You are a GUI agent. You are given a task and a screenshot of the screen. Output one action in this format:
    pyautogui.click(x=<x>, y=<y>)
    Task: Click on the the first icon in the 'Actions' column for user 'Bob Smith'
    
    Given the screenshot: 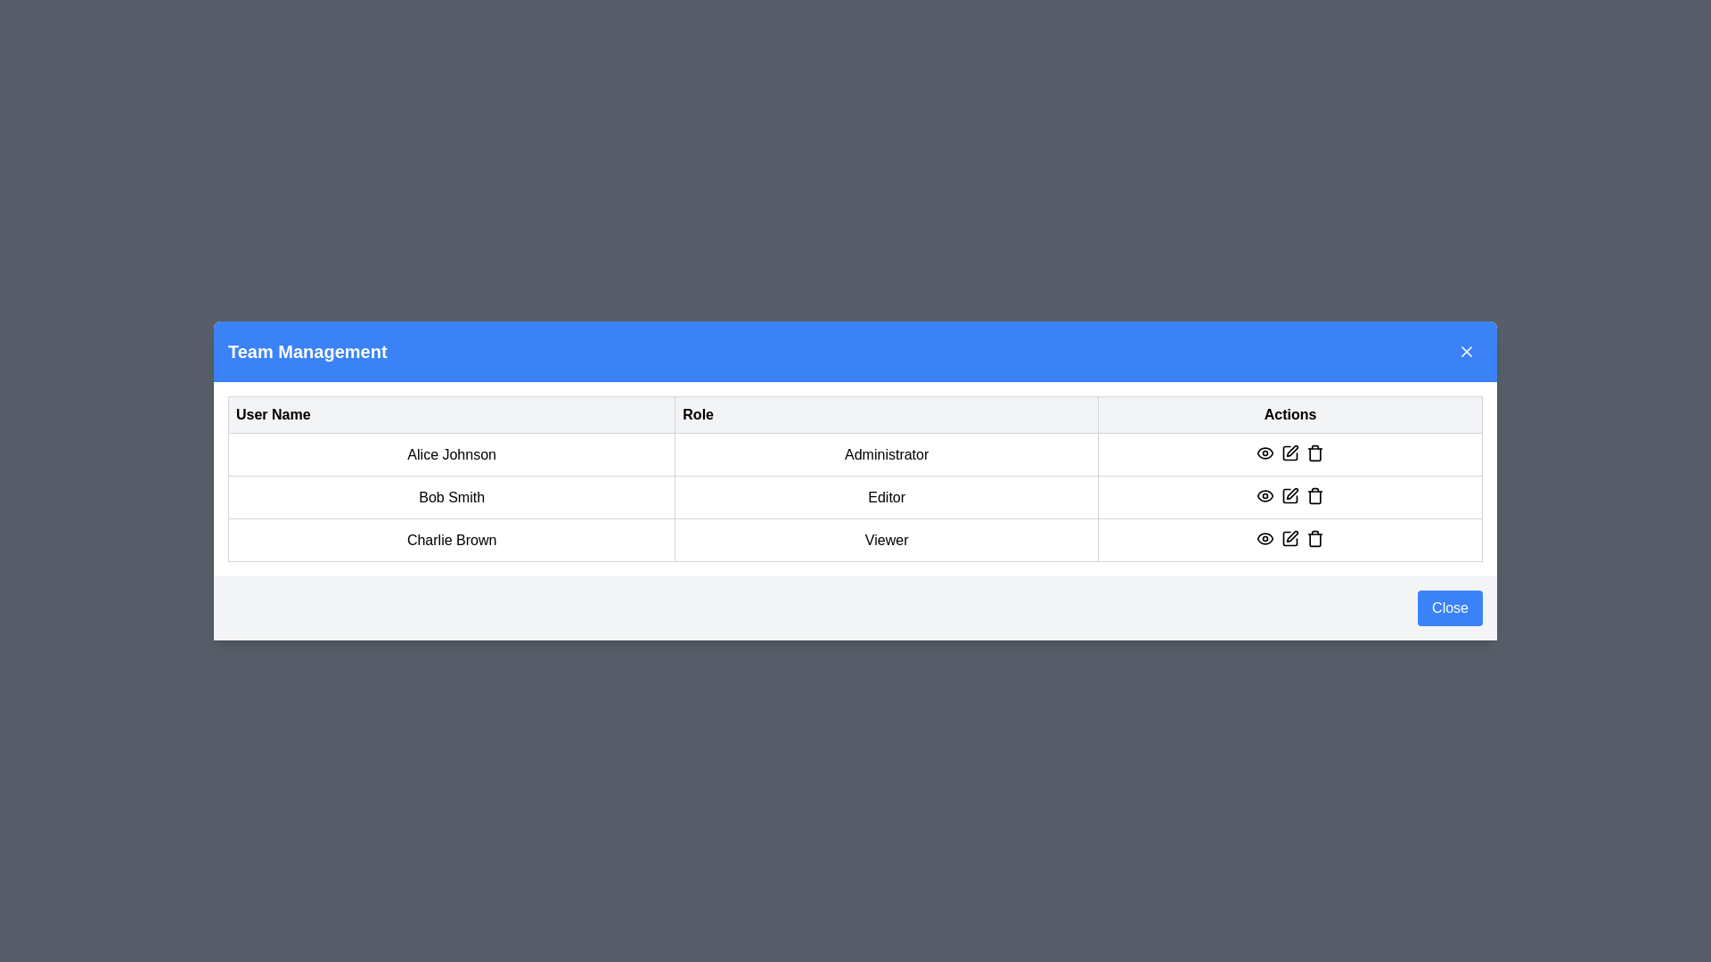 What is the action you would take?
    pyautogui.click(x=1265, y=495)
    